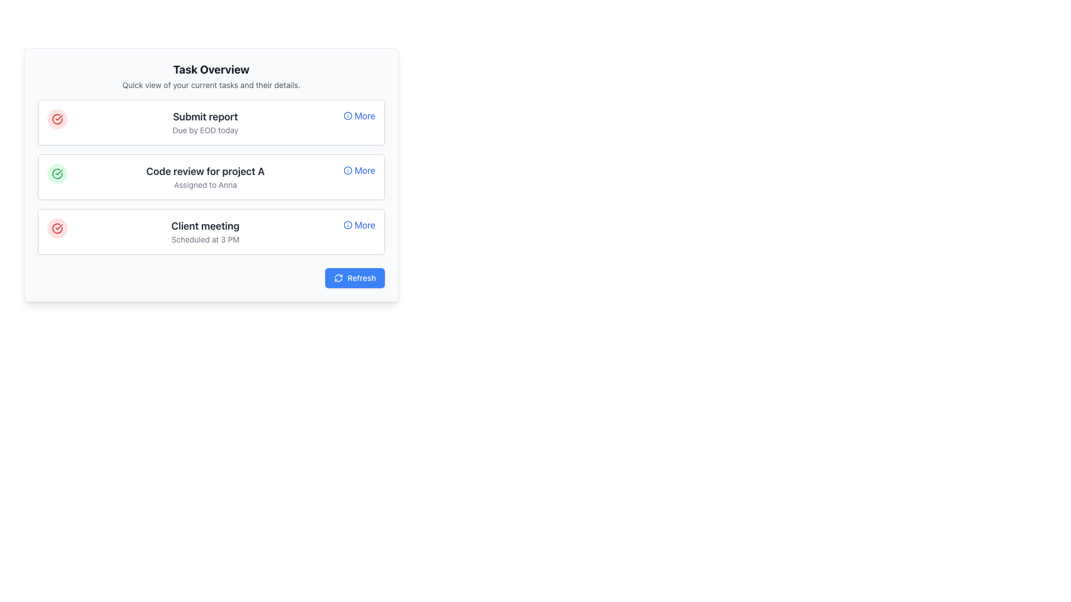 This screenshot has height=602, width=1071. Describe the element at coordinates (205, 130) in the screenshot. I see `the text element that provides the deadline for the task labeled 'Submit report', located directly below the 'Submit report' header in the first task card` at that location.